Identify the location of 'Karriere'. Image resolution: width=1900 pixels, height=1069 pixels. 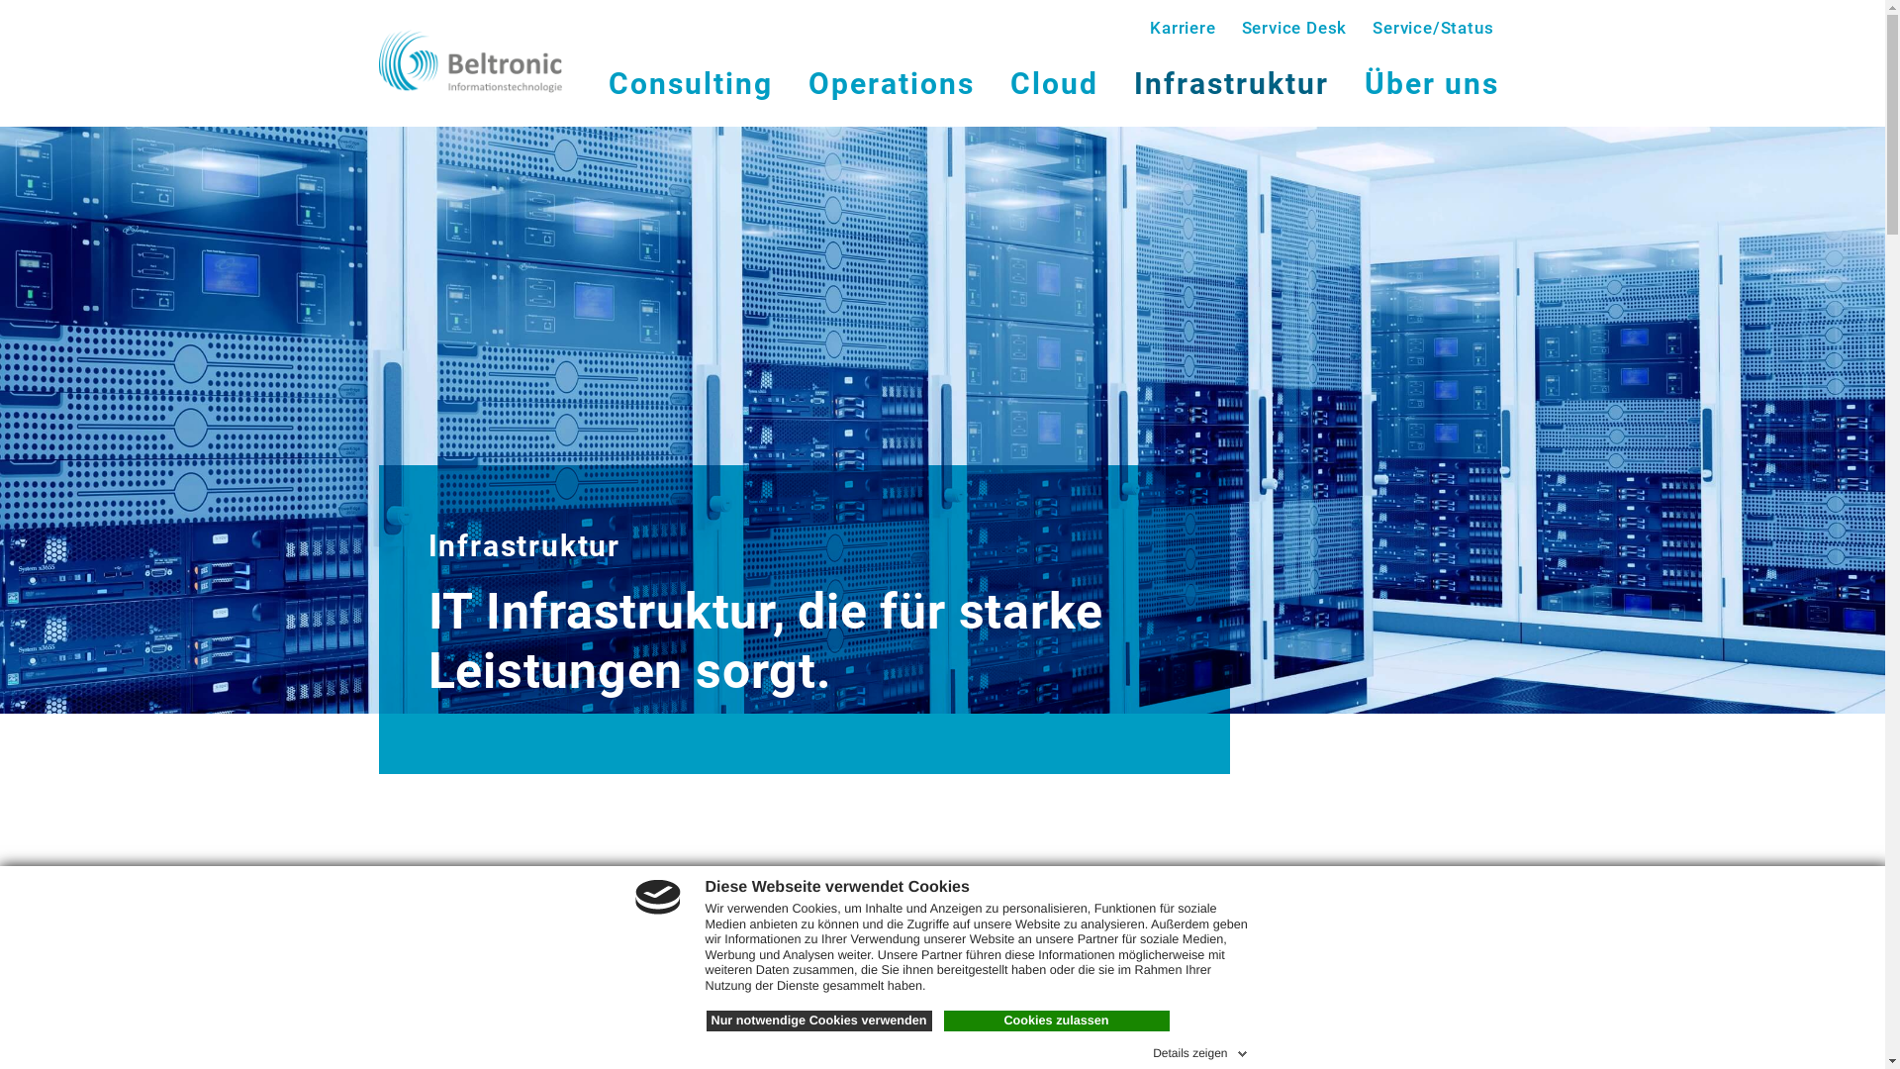
(1183, 36).